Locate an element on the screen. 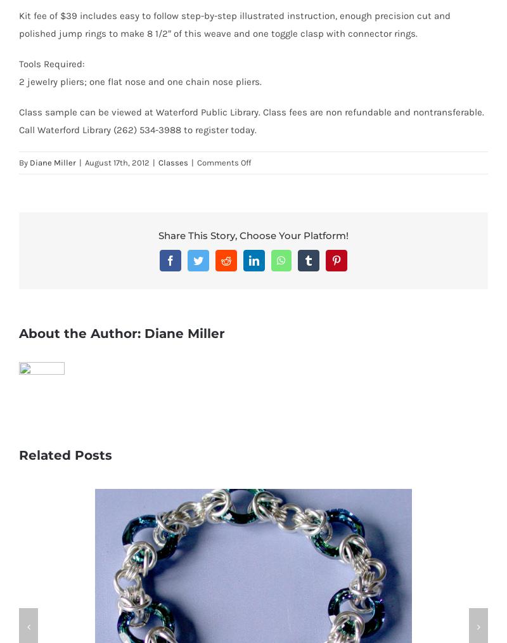  'Tools Required:' is located at coordinates (51, 63).